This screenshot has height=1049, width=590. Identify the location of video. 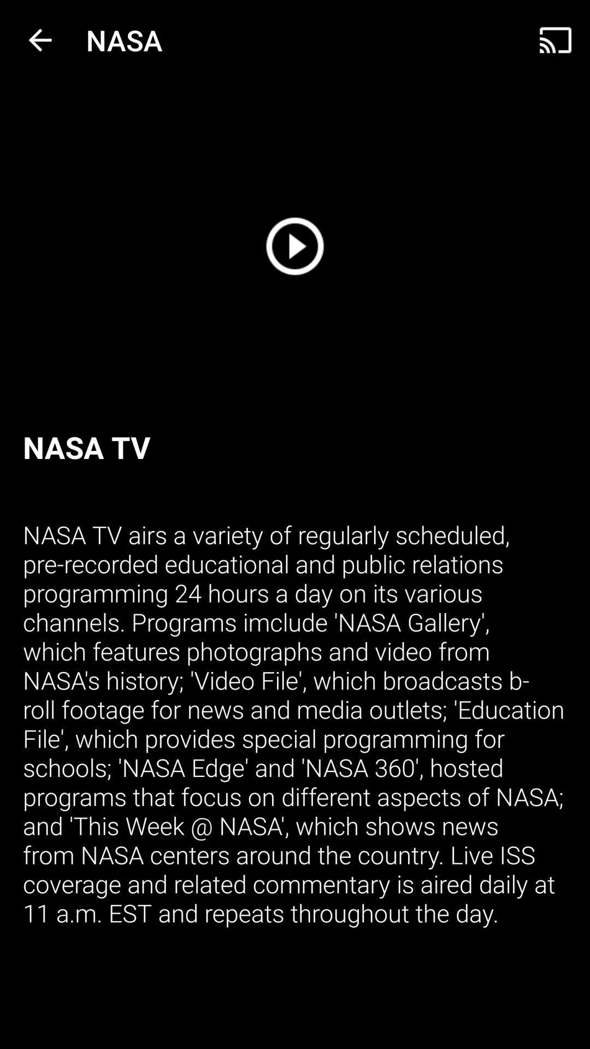
(295, 245).